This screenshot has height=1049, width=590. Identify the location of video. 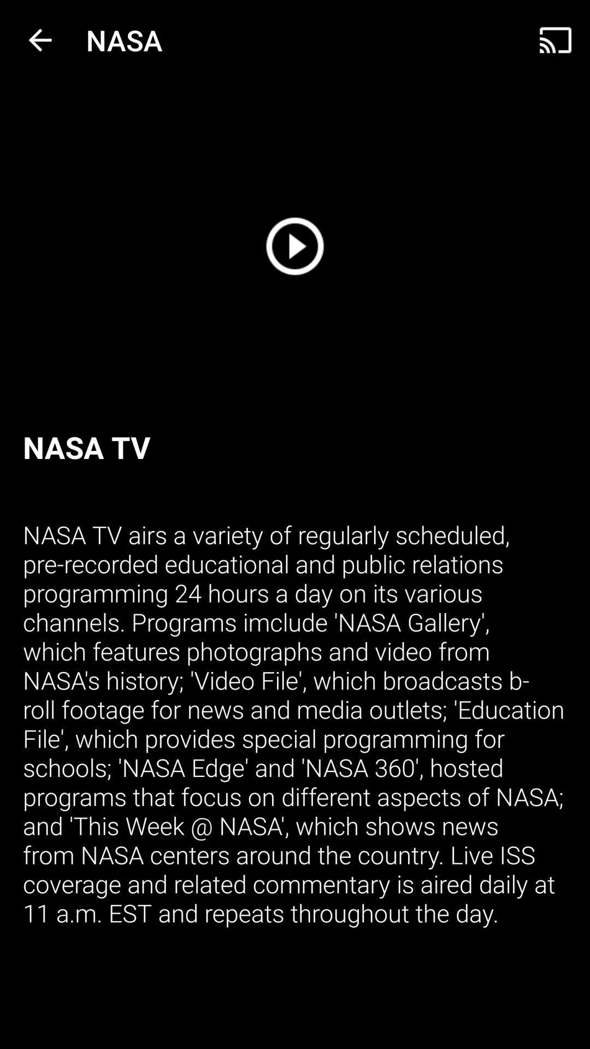
(295, 245).